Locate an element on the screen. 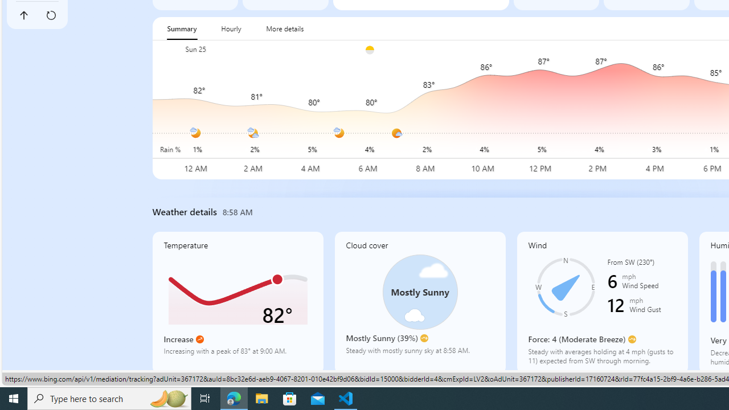 This screenshot has width=729, height=410. 'Increase' is located at coordinates (199, 339).